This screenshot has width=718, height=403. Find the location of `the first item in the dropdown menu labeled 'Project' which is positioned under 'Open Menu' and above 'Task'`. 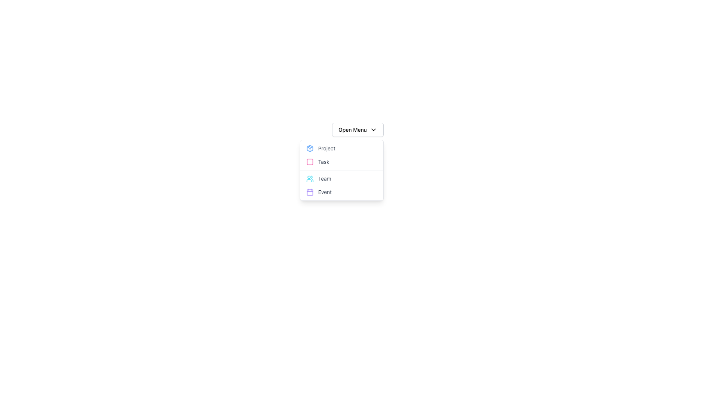

the first item in the dropdown menu labeled 'Project' which is positioned under 'Open Menu' and above 'Task' is located at coordinates (341, 148).